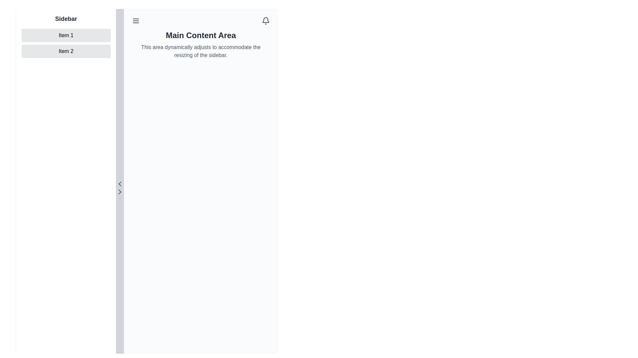  Describe the element at coordinates (120, 184) in the screenshot. I see `the chevron-shaped icon resembling a left-pointing arrow located on the vertical bar separating the sidebar from the main content area to interact with it` at that location.